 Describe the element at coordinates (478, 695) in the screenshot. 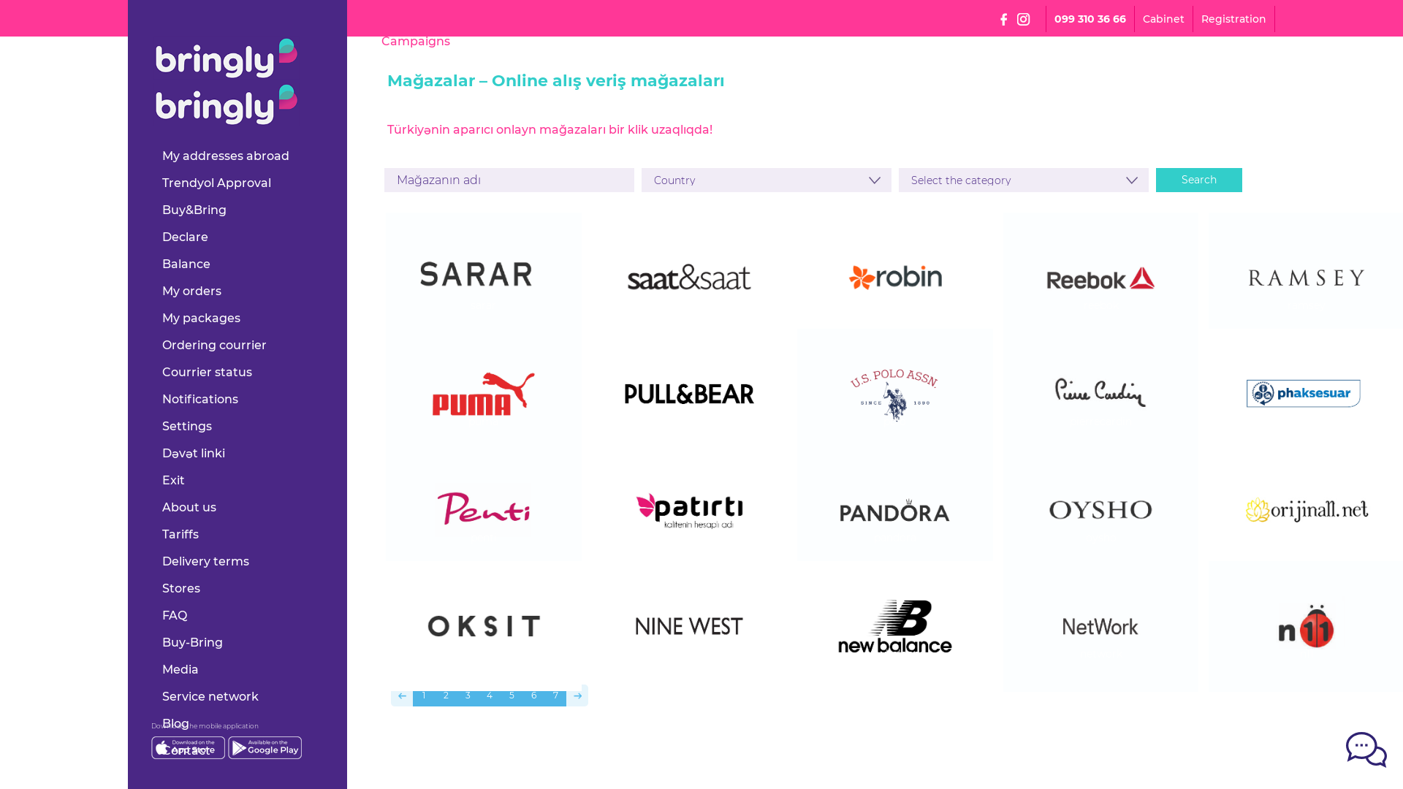

I see `'4'` at that location.